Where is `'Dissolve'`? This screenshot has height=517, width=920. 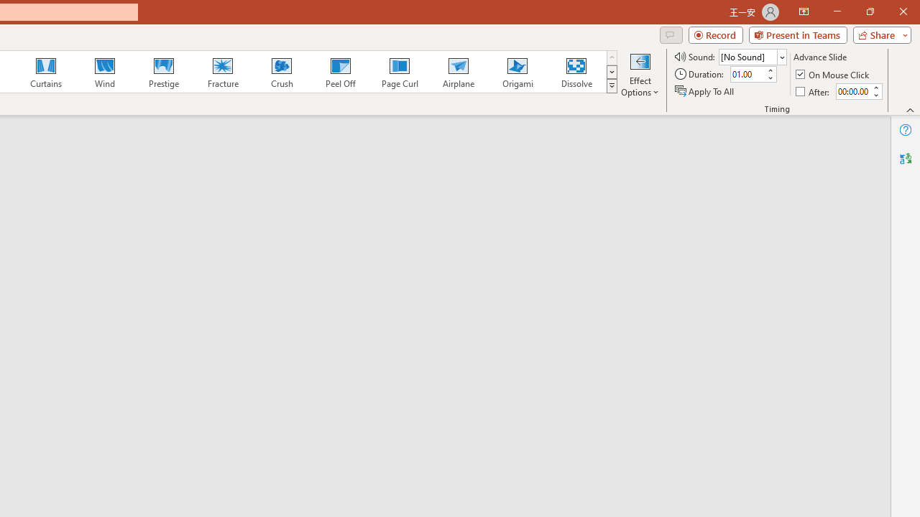 'Dissolve' is located at coordinates (576, 72).